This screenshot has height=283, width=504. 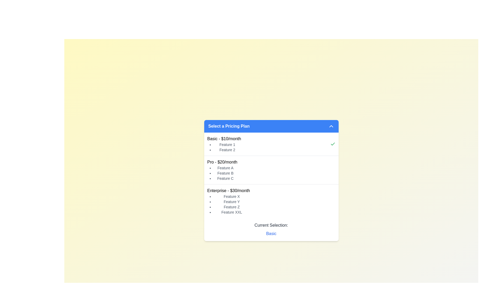 What do you see at coordinates (225, 178) in the screenshot?
I see `the third item in the bulleted list under the 'Pro - $20/month' pricing section, which indicates a feature included in this plan` at bounding box center [225, 178].